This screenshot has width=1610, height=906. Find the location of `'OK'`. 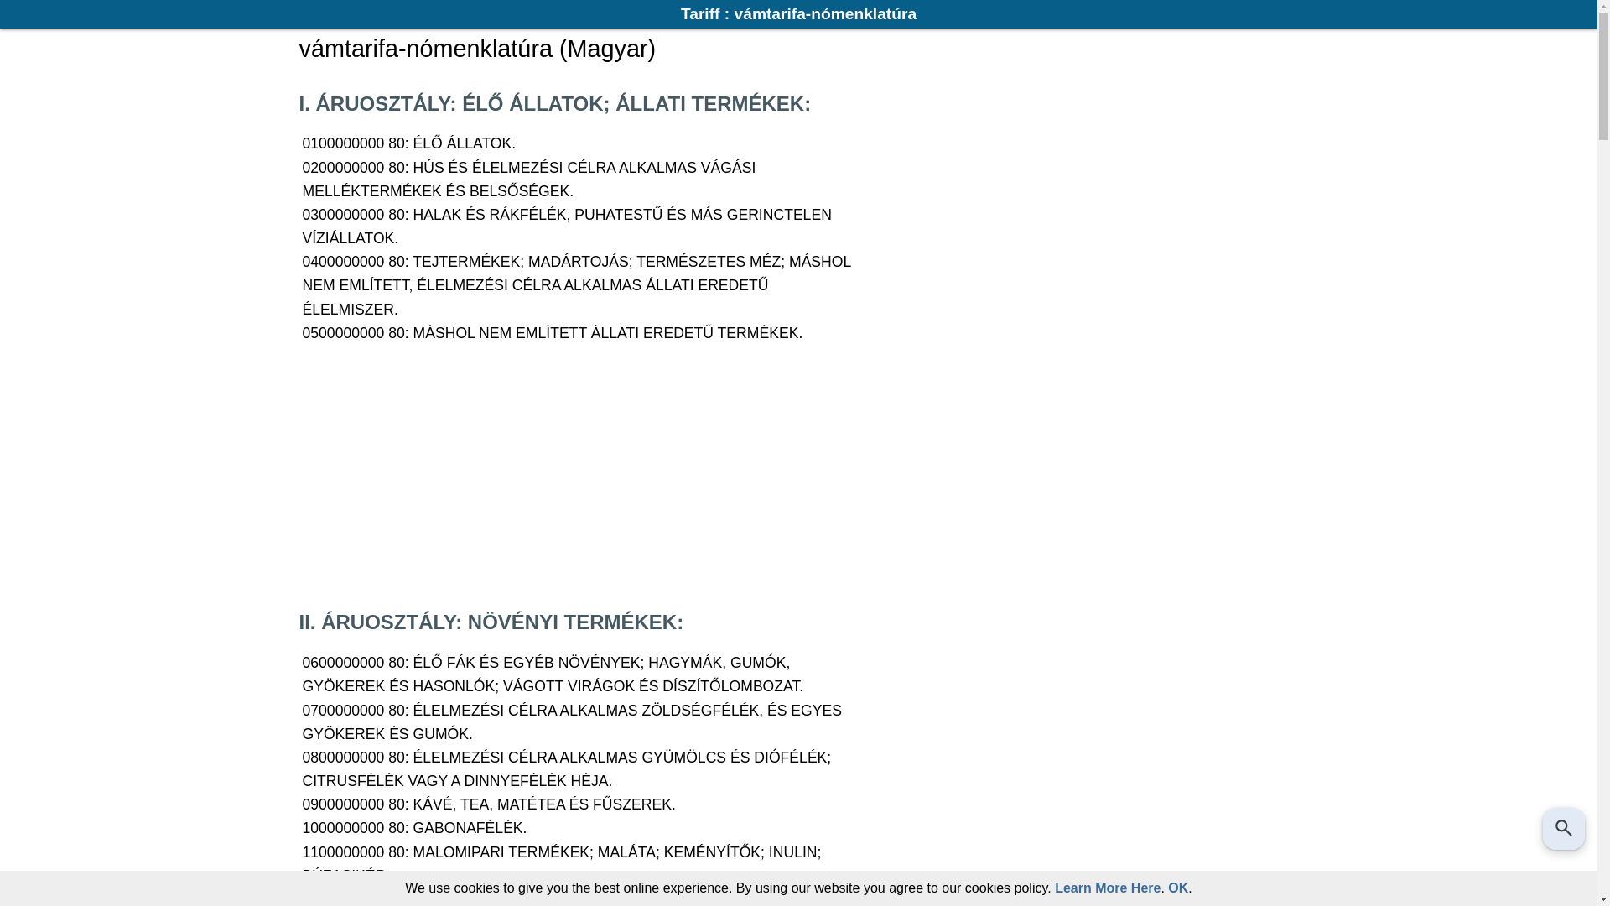

'OK' is located at coordinates (1177, 887).